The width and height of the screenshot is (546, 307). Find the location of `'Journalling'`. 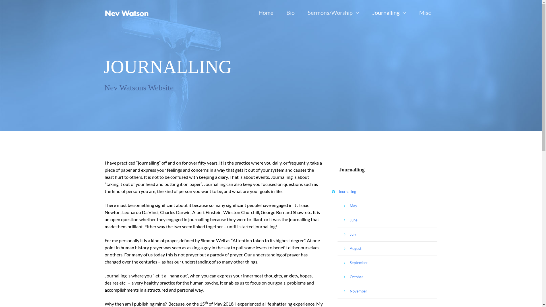

'Journalling' is located at coordinates (384, 192).